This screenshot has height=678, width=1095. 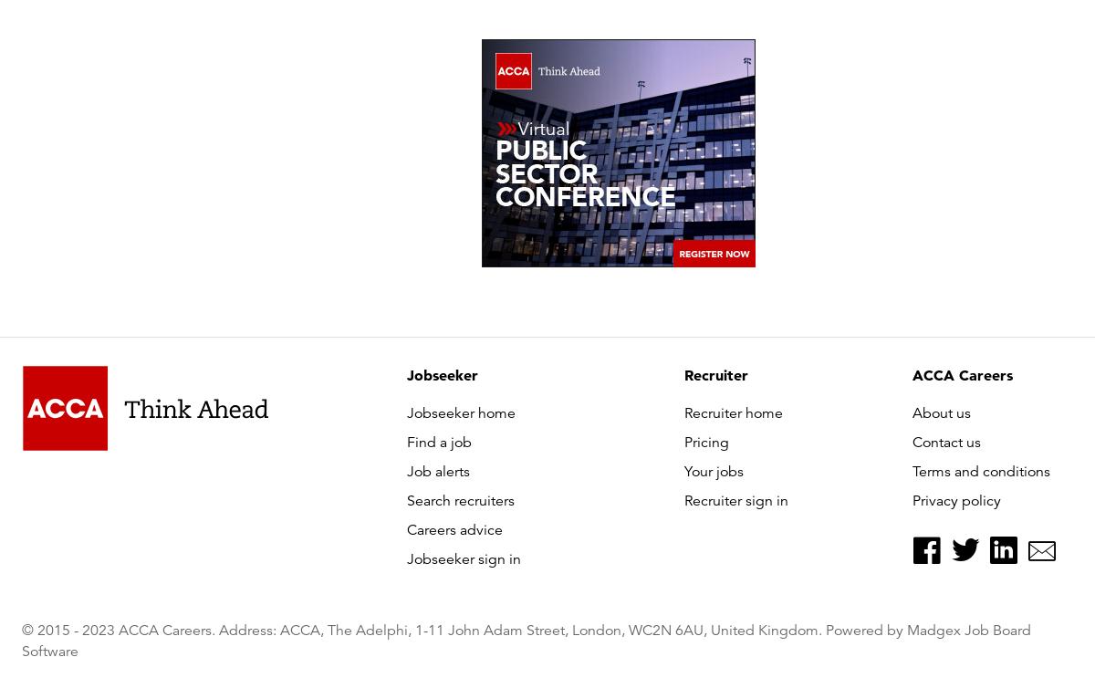 What do you see at coordinates (454, 530) in the screenshot?
I see `'Careers advice'` at bounding box center [454, 530].